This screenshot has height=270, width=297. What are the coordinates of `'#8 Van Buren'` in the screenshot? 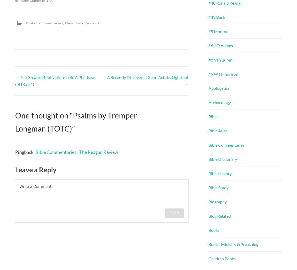 It's located at (220, 59).